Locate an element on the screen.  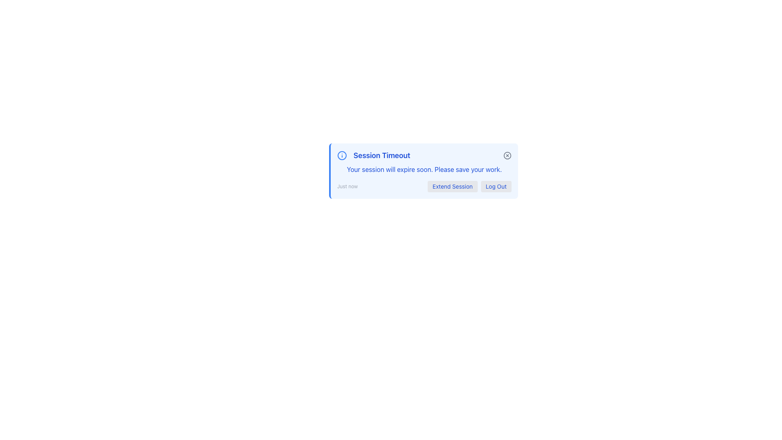
the leftmost button in the modal dialog box to extend the session and prevent timeout is located at coordinates (452, 187).